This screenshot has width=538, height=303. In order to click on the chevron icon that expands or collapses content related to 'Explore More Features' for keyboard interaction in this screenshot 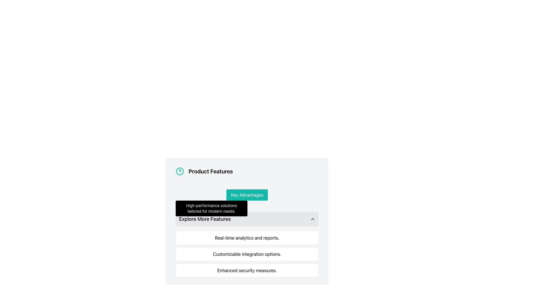, I will do `click(312, 219)`.